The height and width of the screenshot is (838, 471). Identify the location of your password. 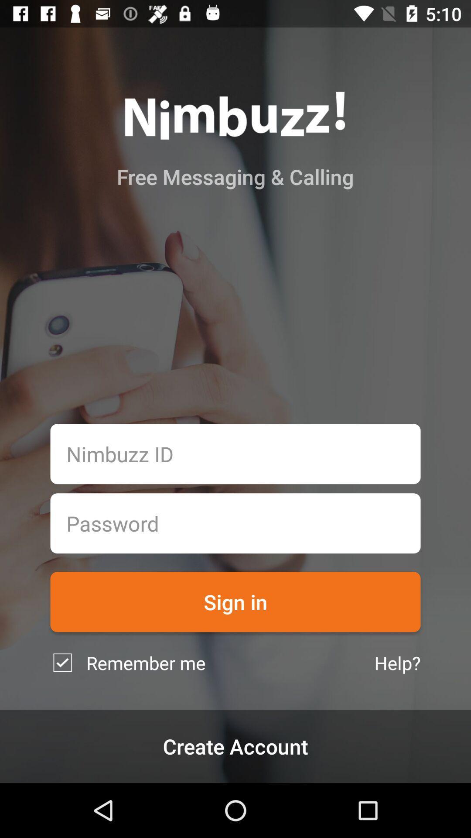
(235, 523).